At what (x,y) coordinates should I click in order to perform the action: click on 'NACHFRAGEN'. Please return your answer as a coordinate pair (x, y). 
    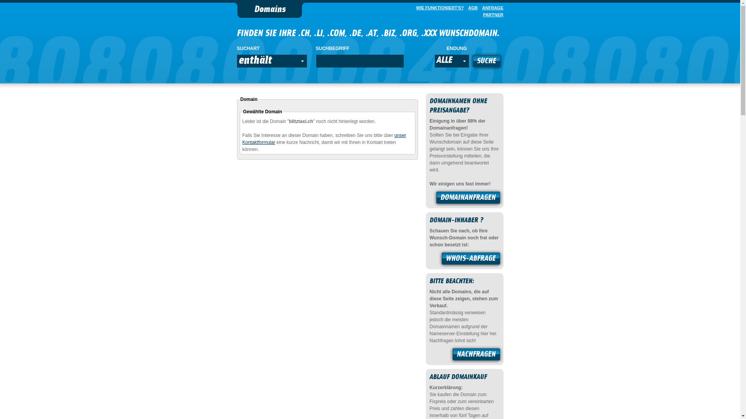
    Looking at the image, I should click on (476, 355).